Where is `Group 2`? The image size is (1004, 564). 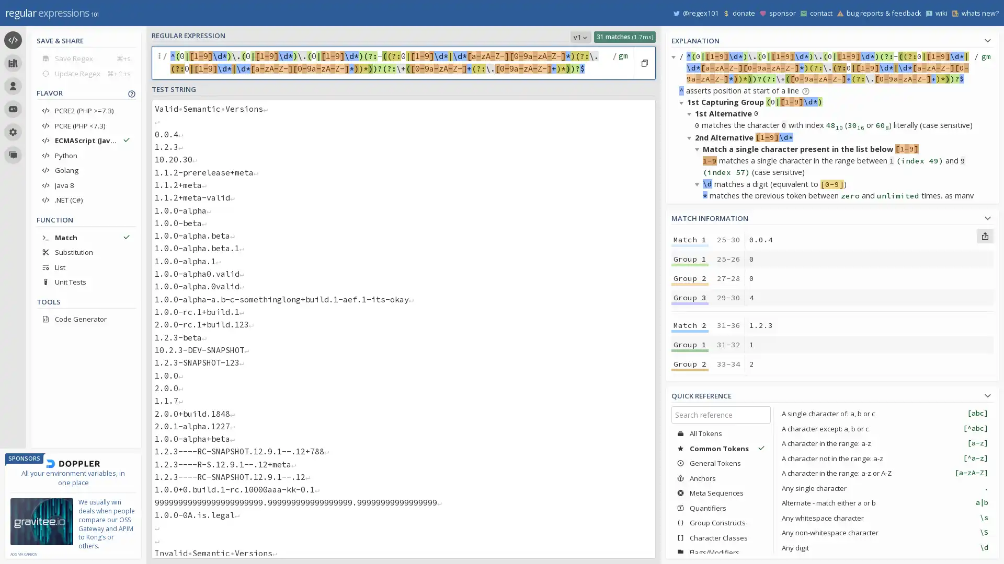
Group 2 is located at coordinates (690, 363).